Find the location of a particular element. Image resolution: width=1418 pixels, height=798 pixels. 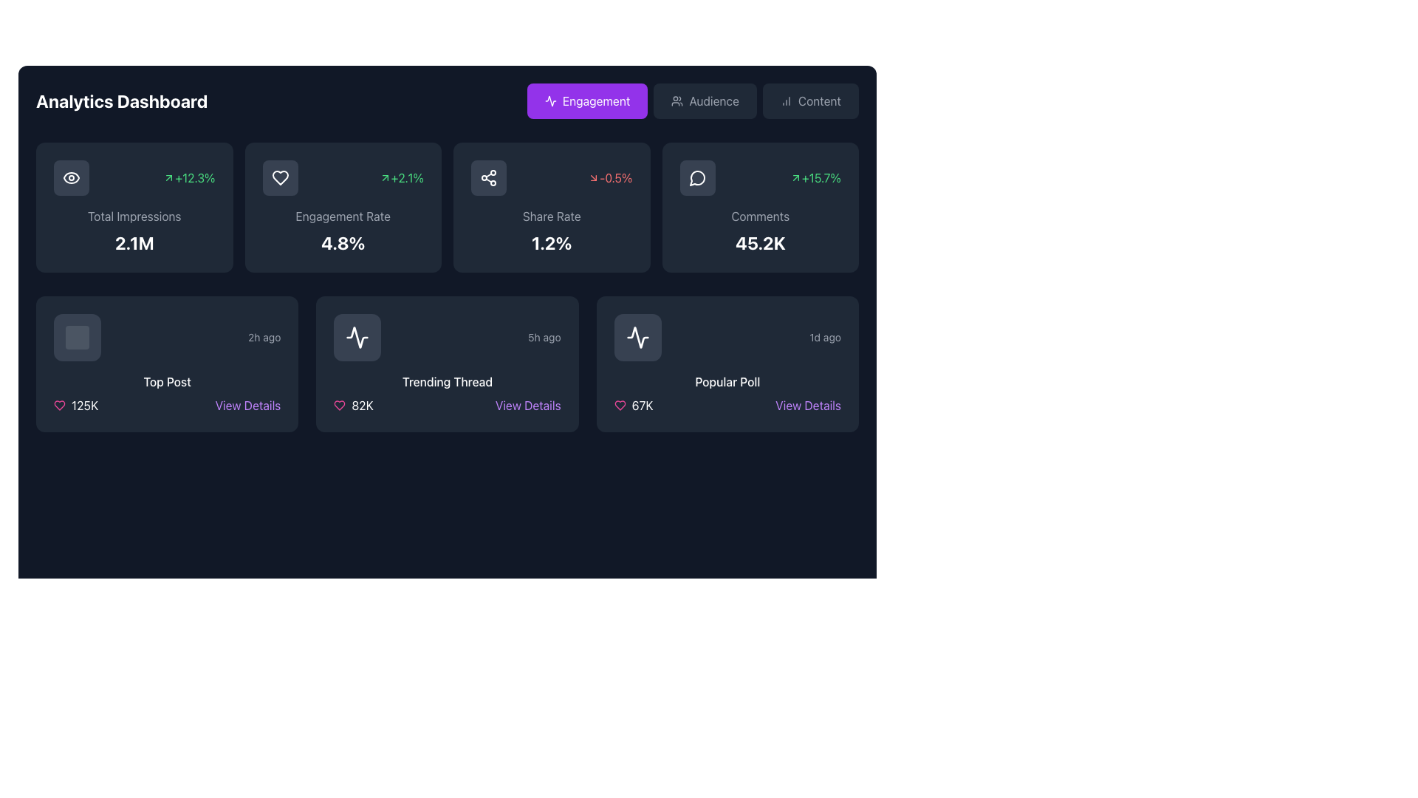

the text label that displays the count or statistical measure related to the heart icon, located below the 'Top Post' label and adjacent to the pink heart icon is located at coordinates (84, 405).